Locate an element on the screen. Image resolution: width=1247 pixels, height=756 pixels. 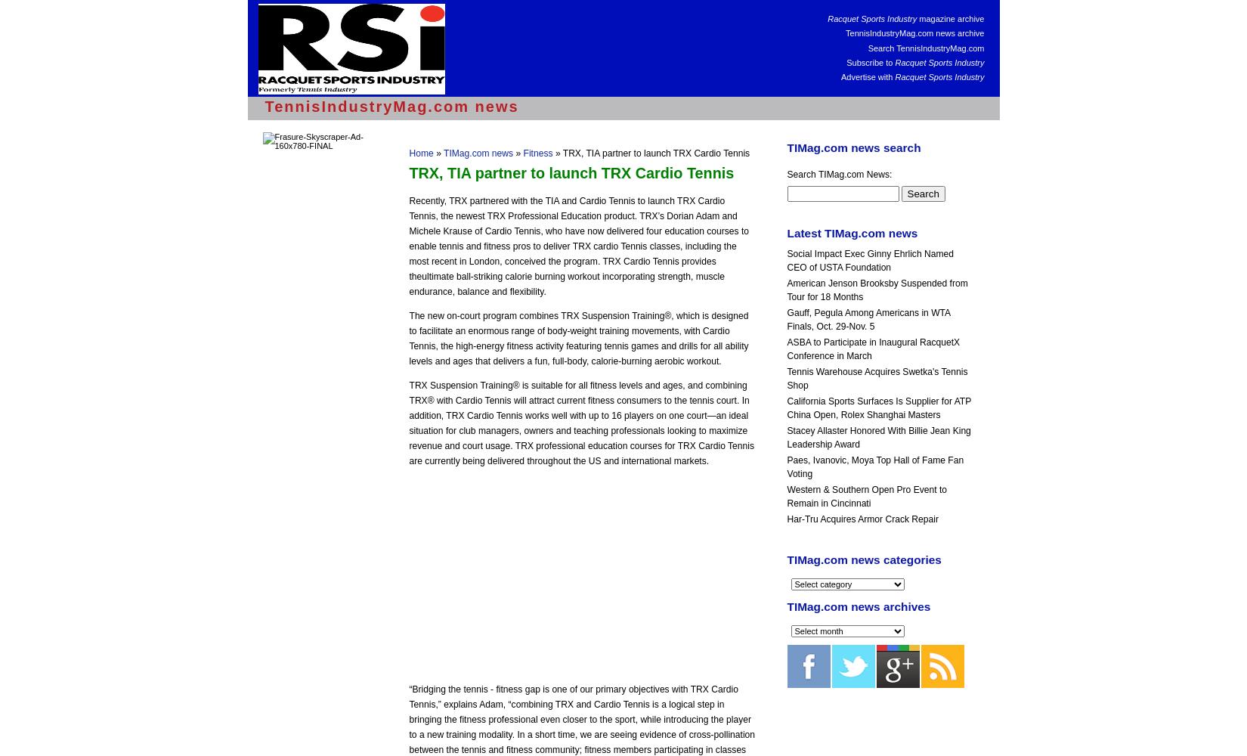
'Fitness' is located at coordinates (537, 153).